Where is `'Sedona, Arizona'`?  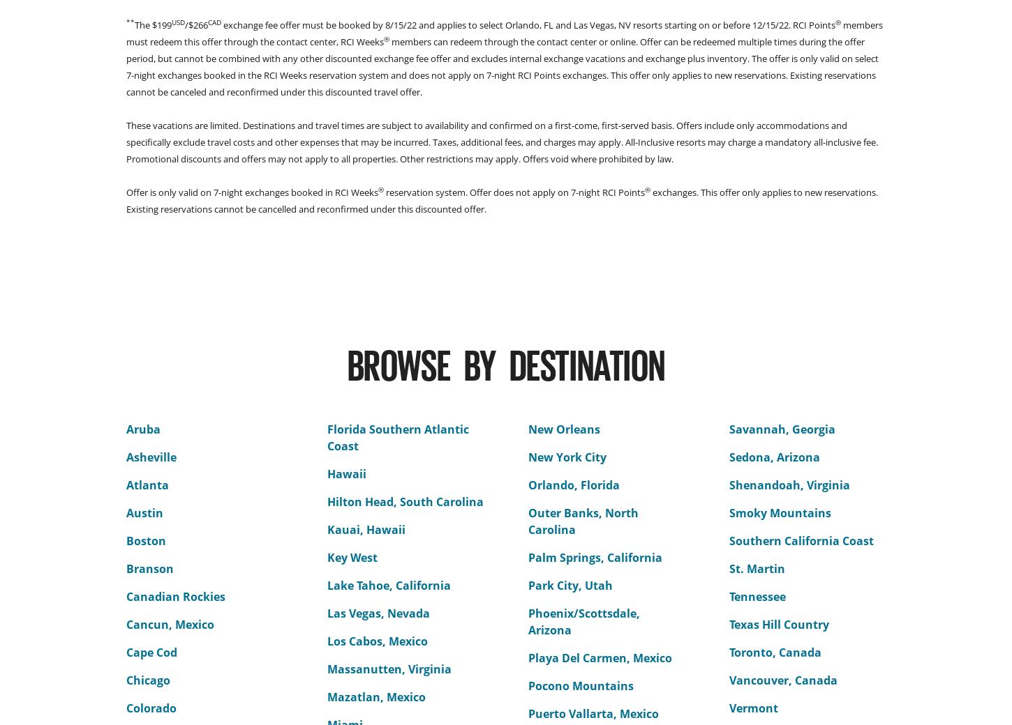 'Sedona, Arizona' is located at coordinates (773, 457).